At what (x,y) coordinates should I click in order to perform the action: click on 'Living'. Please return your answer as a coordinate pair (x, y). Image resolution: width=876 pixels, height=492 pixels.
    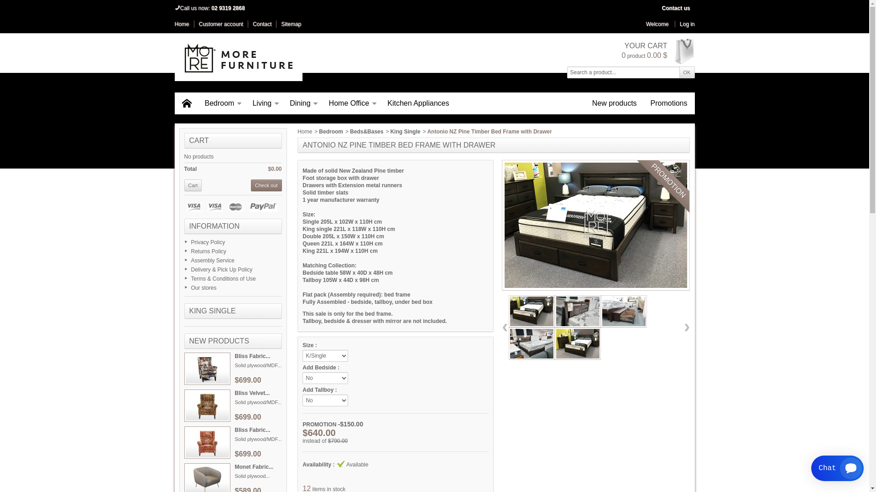
    Looking at the image, I should click on (264, 103).